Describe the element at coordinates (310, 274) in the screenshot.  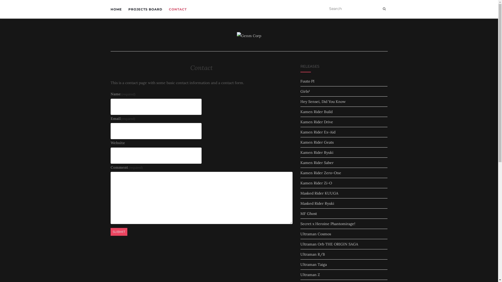
I see `'Ultraman Z'` at that location.